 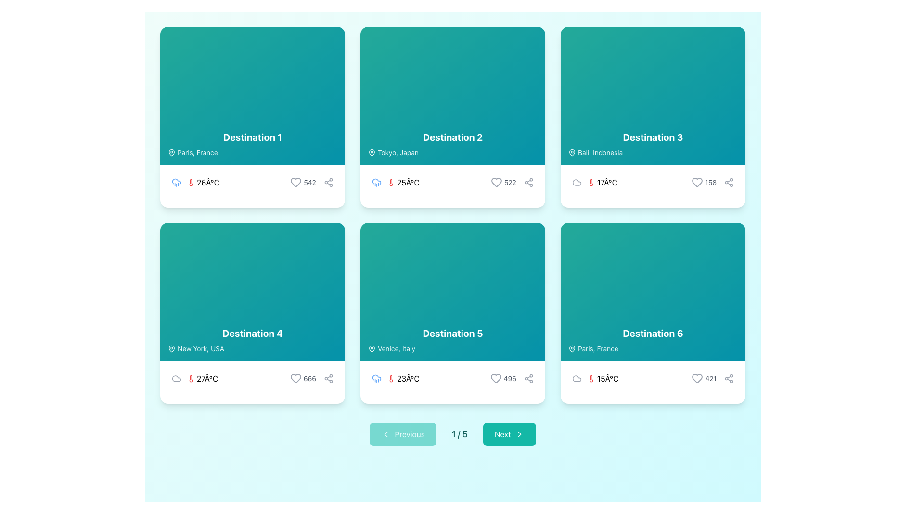 I want to click on the map pin icon located in the top left corner of the 'Destination 3' card, preceding the text 'Bali, Indonesia', so click(x=572, y=151).